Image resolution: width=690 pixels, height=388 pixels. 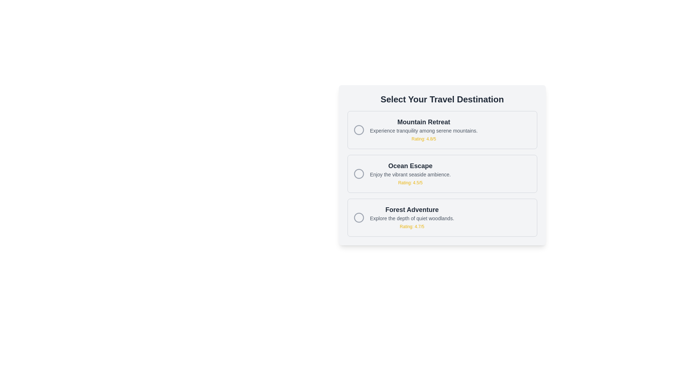 What do you see at coordinates (410, 175) in the screenshot?
I see `the descriptive text element that provides additional information about the 'Ocean Escape' travel destination, positioned centrally below the heading and above the rating text` at bounding box center [410, 175].